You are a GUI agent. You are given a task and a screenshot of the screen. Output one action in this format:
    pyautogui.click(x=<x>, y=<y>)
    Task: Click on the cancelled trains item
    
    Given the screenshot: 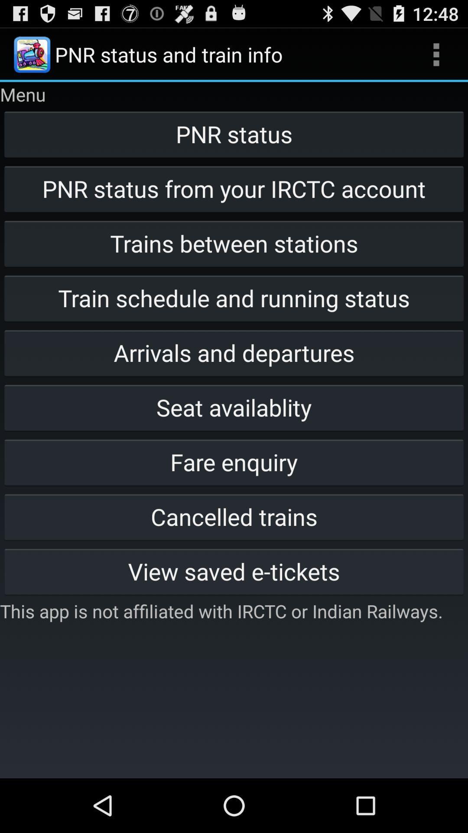 What is the action you would take?
    pyautogui.click(x=234, y=516)
    